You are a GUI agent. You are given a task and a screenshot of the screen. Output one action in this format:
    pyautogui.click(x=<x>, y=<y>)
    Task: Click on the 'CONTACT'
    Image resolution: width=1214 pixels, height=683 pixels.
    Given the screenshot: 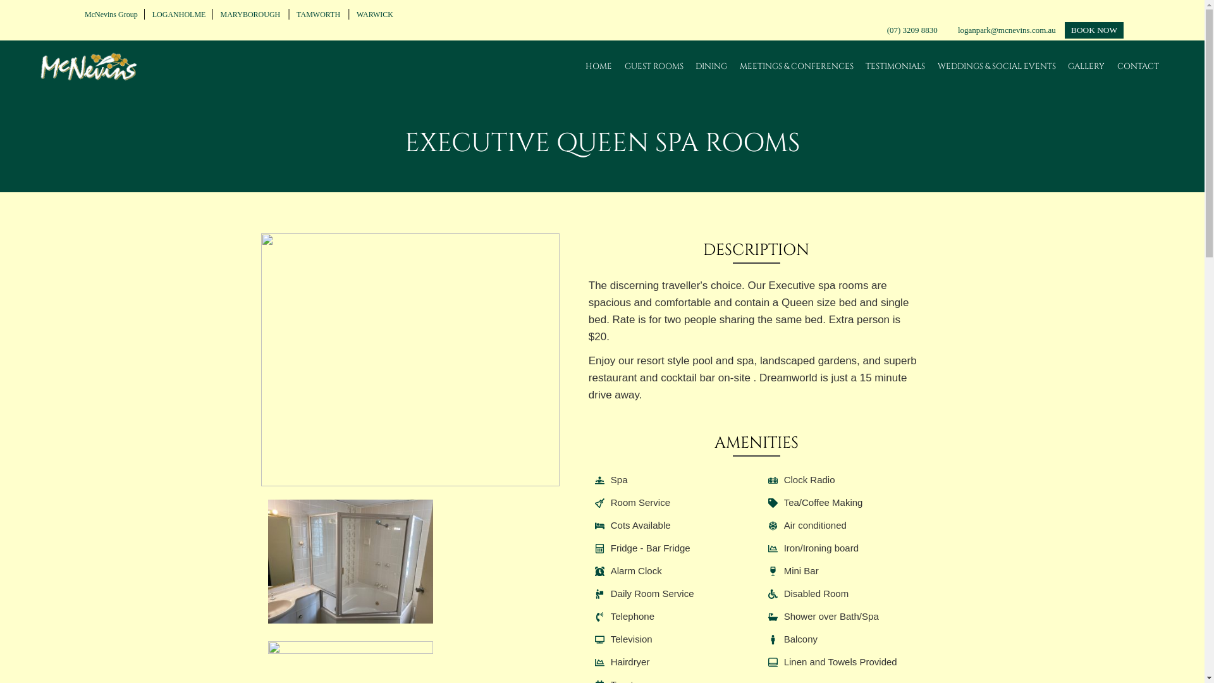 What is the action you would take?
    pyautogui.click(x=1138, y=66)
    